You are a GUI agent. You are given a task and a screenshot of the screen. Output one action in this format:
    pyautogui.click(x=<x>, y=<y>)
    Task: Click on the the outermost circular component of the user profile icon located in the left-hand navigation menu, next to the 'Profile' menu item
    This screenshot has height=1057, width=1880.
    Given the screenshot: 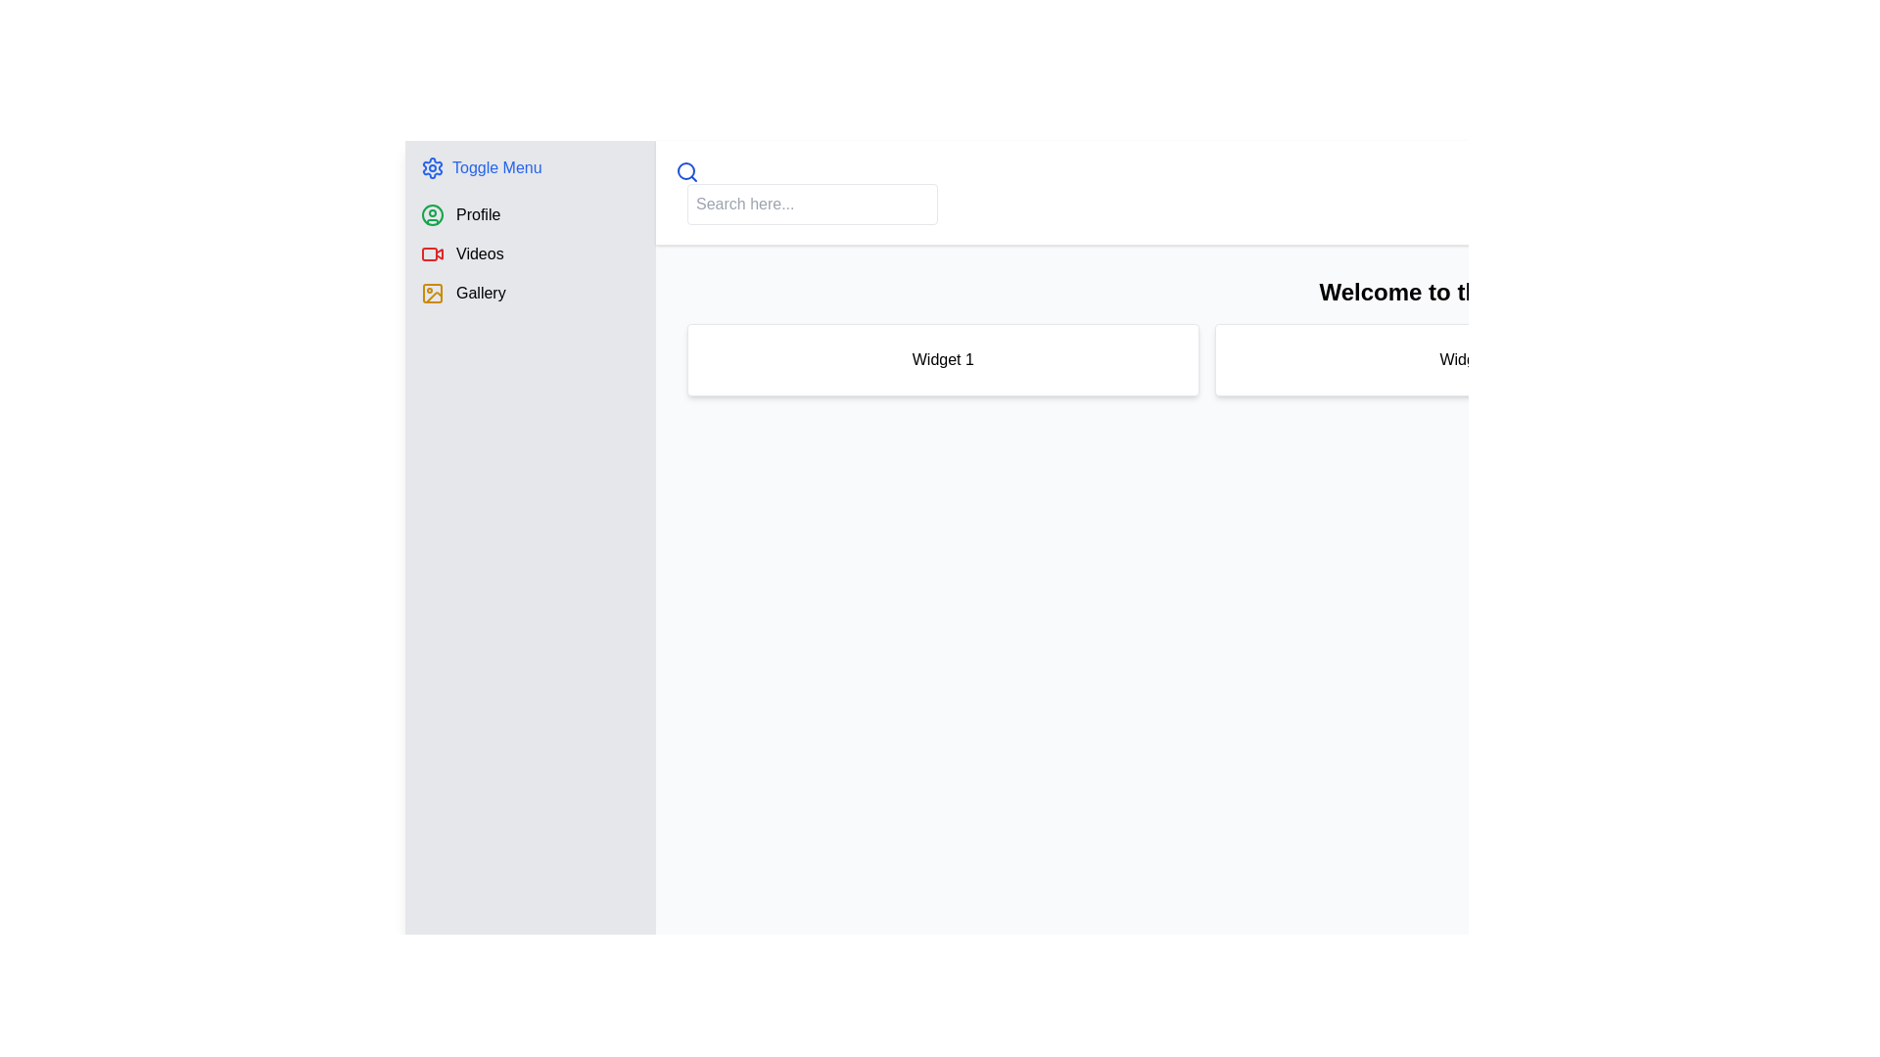 What is the action you would take?
    pyautogui.click(x=431, y=214)
    